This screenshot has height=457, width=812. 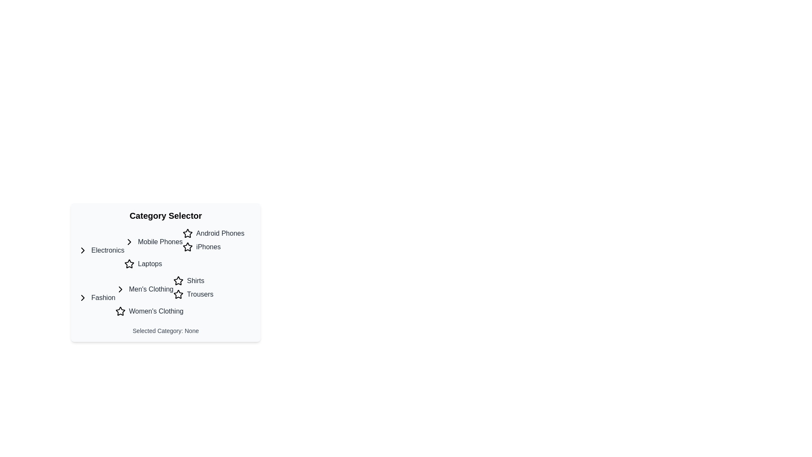 What do you see at coordinates (103, 297) in the screenshot?
I see `the 'Fashion' hyperlink located in the vertical category selector list beneath the 'Electronics' category to change its color` at bounding box center [103, 297].